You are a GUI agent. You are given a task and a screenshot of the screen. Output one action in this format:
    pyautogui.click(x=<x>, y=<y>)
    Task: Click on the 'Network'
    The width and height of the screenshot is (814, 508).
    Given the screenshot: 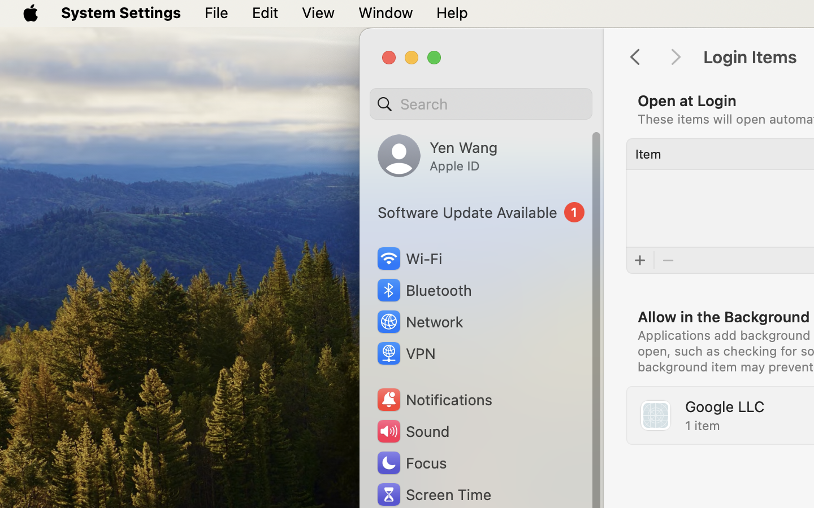 What is the action you would take?
    pyautogui.click(x=419, y=321)
    